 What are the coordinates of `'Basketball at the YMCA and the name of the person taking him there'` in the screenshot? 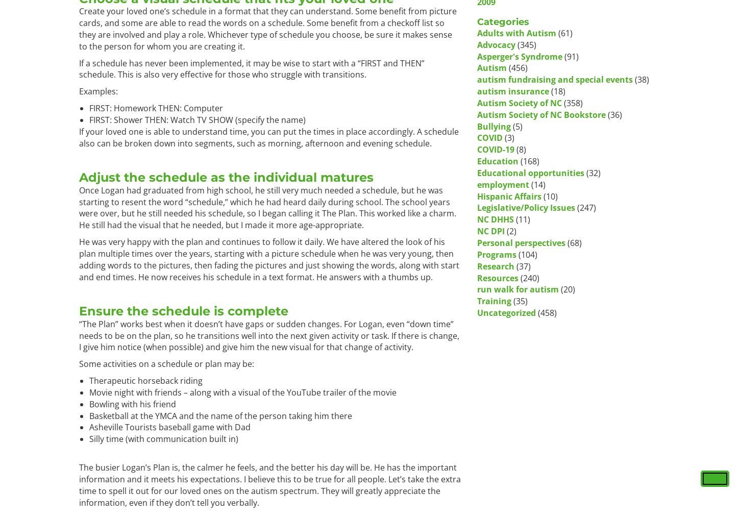 It's located at (220, 414).